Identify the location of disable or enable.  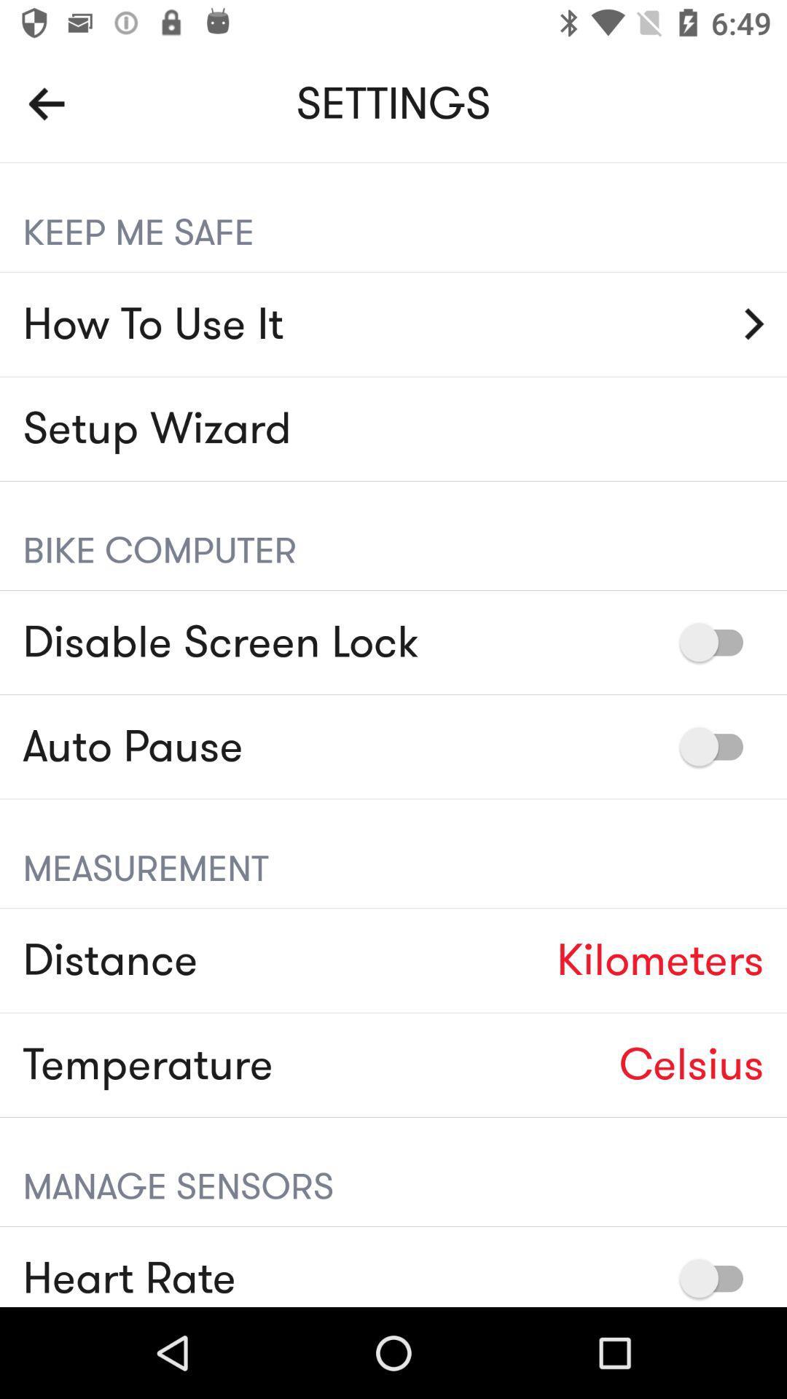
(718, 641).